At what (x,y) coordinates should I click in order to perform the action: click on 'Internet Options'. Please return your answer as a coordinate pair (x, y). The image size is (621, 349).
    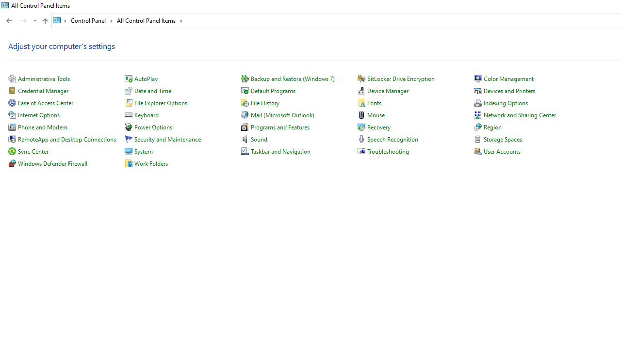
    Looking at the image, I should click on (39, 114).